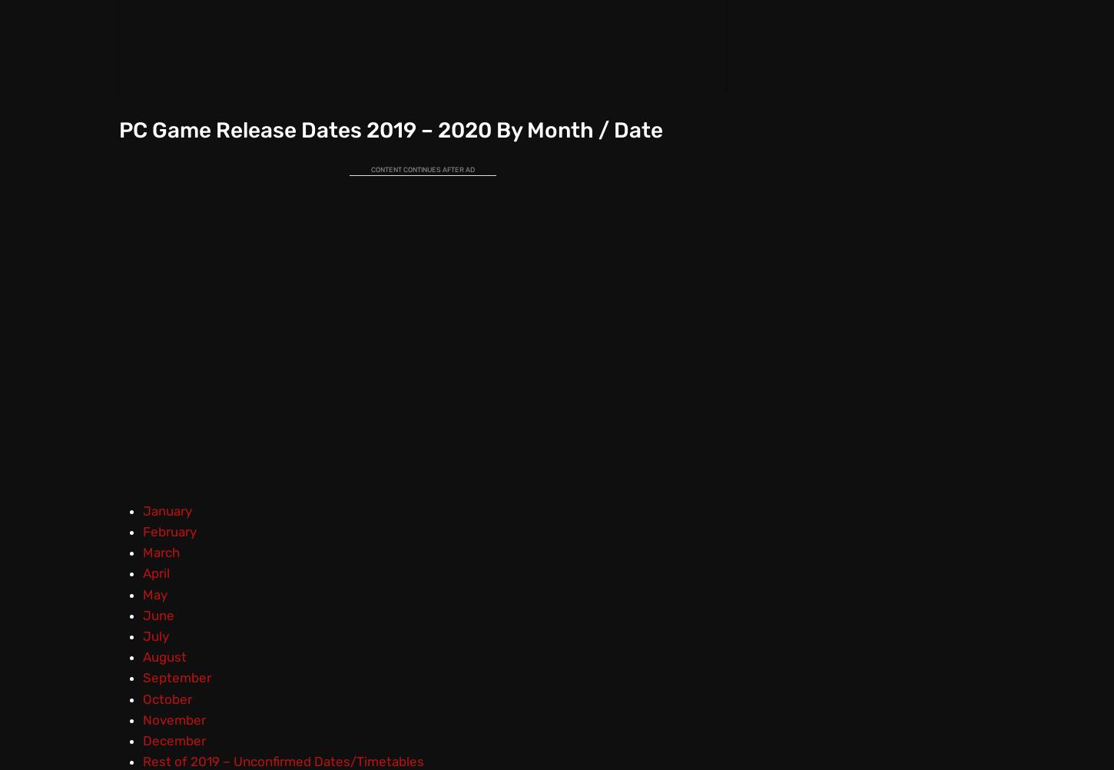 This screenshot has width=1114, height=770. Describe the element at coordinates (163, 657) in the screenshot. I see `'August'` at that location.